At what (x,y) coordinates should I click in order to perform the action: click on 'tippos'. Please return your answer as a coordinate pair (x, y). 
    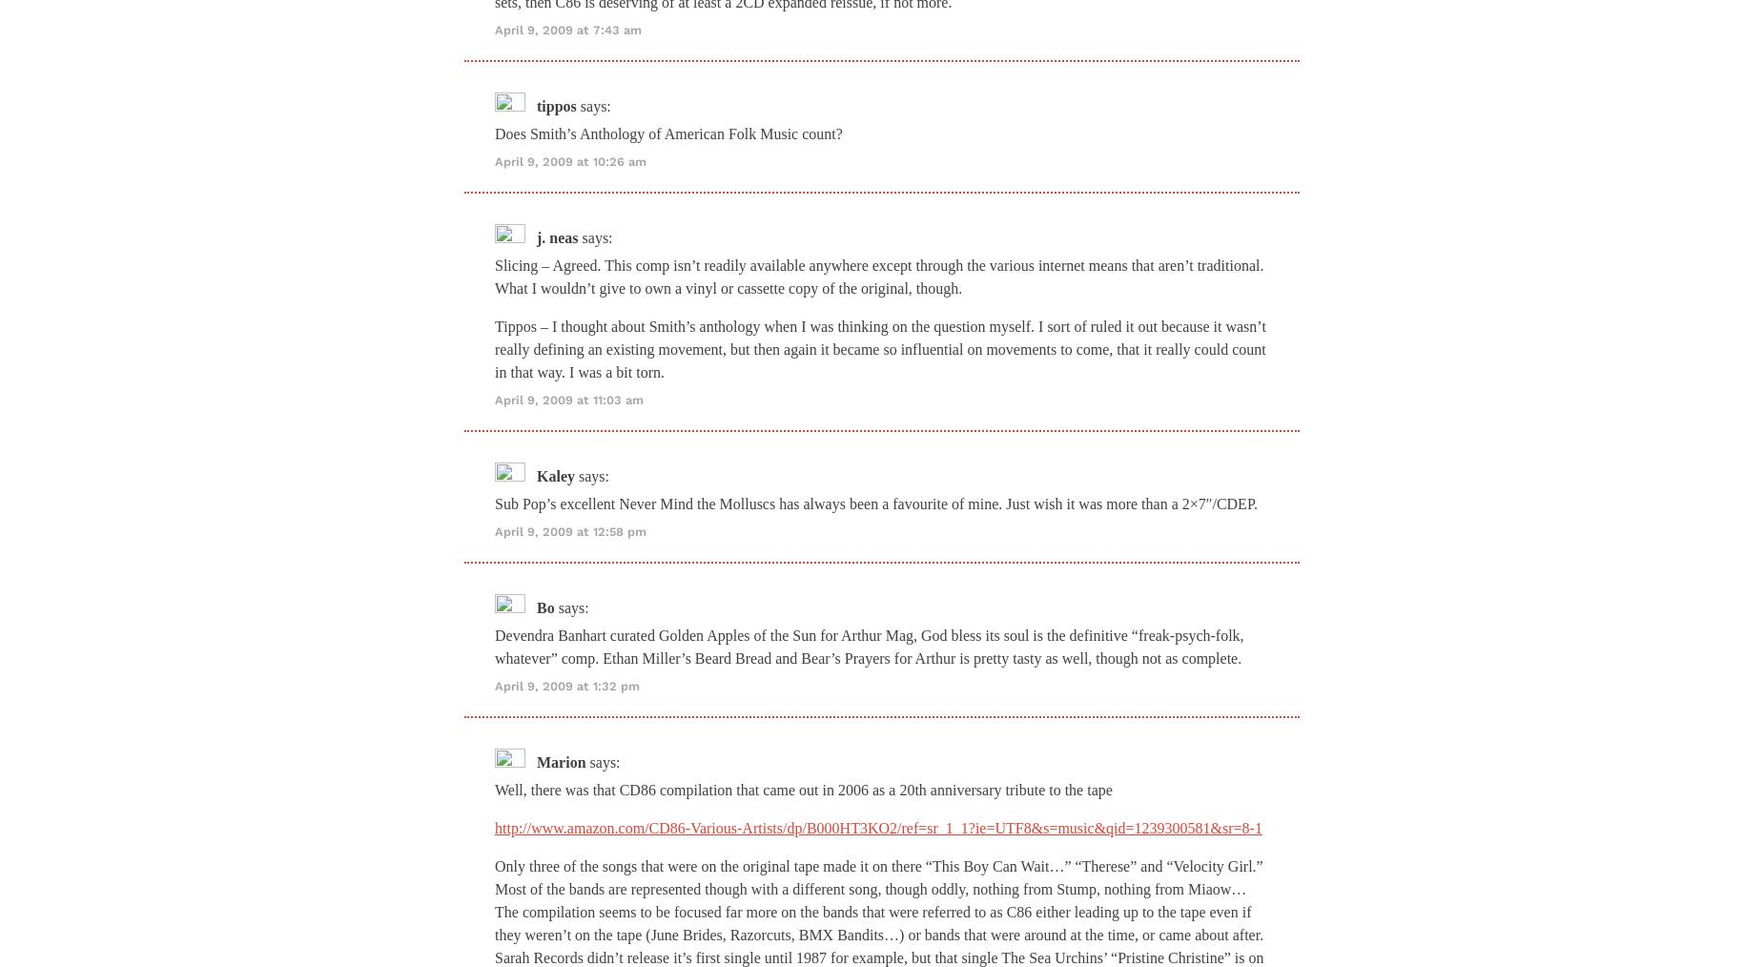
    Looking at the image, I should click on (556, 105).